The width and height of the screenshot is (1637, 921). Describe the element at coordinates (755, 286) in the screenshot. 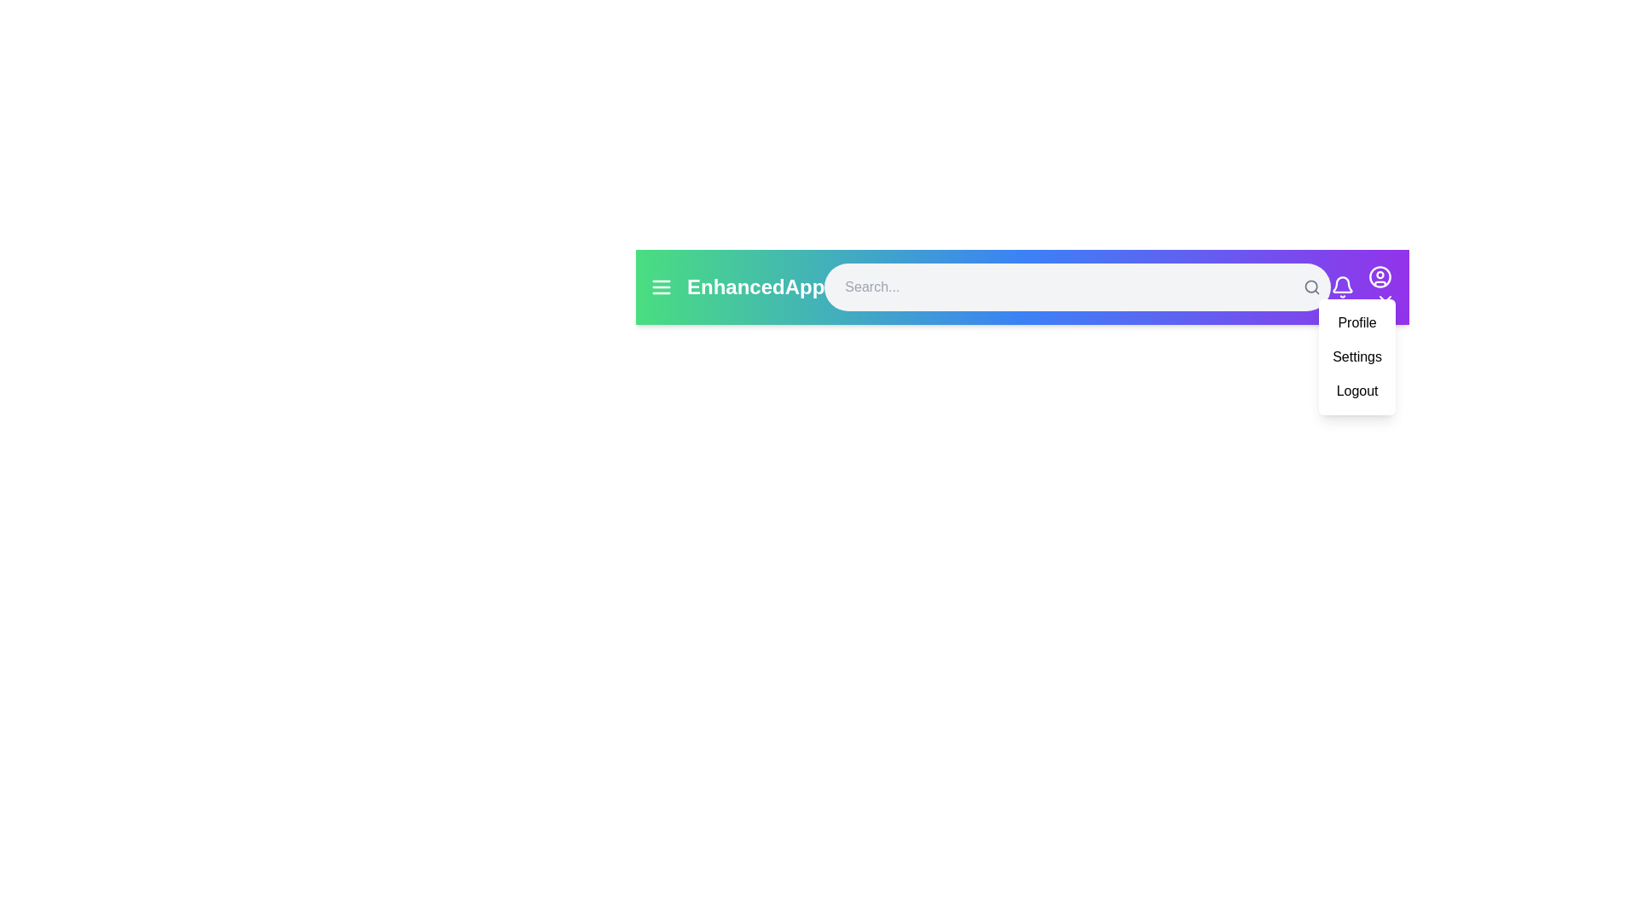

I see `the app title labeled 'EnhancedApp'` at that location.